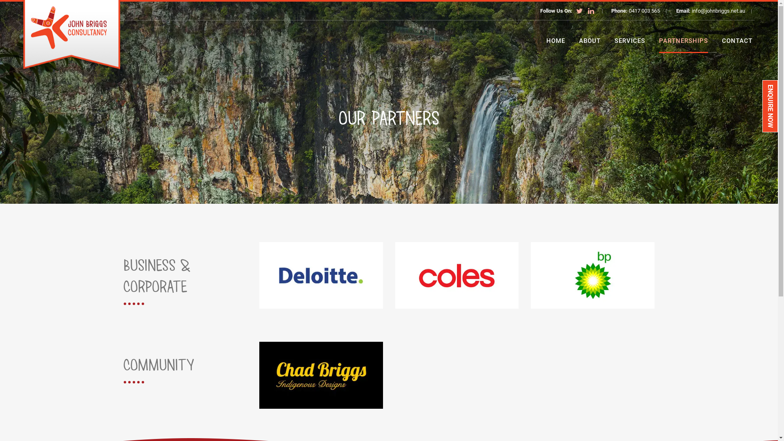  I want to click on 'CONTACT', so click(737, 41).